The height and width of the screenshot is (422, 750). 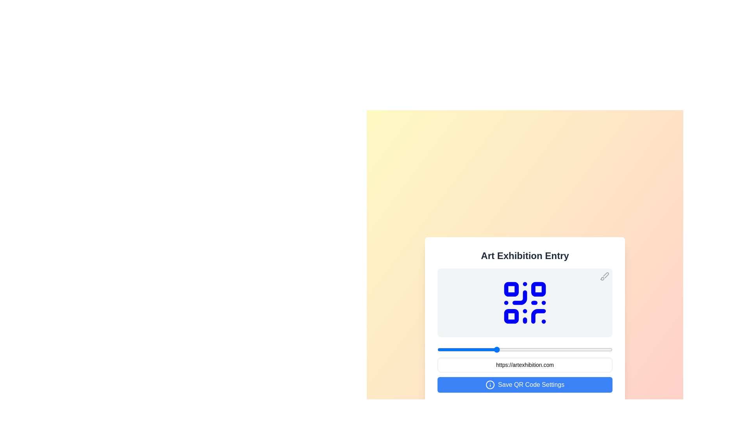 I want to click on the top-left rounded square graphic module of the QR code, which is filled with a vivid blue color and part of the QR code structure located in the 'Art Exhibition Entry' section, so click(x=511, y=289).